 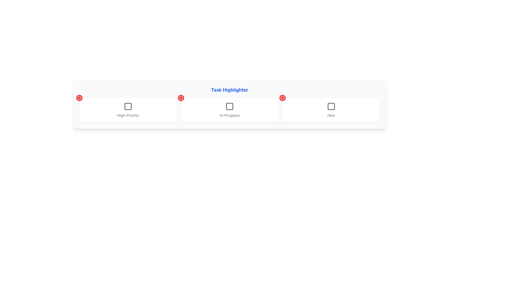 What do you see at coordinates (331, 115) in the screenshot?
I see `the text label that describes the checkbox above it, located in the third column with a rounded white background and shadow` at bounding box center [331, 115].